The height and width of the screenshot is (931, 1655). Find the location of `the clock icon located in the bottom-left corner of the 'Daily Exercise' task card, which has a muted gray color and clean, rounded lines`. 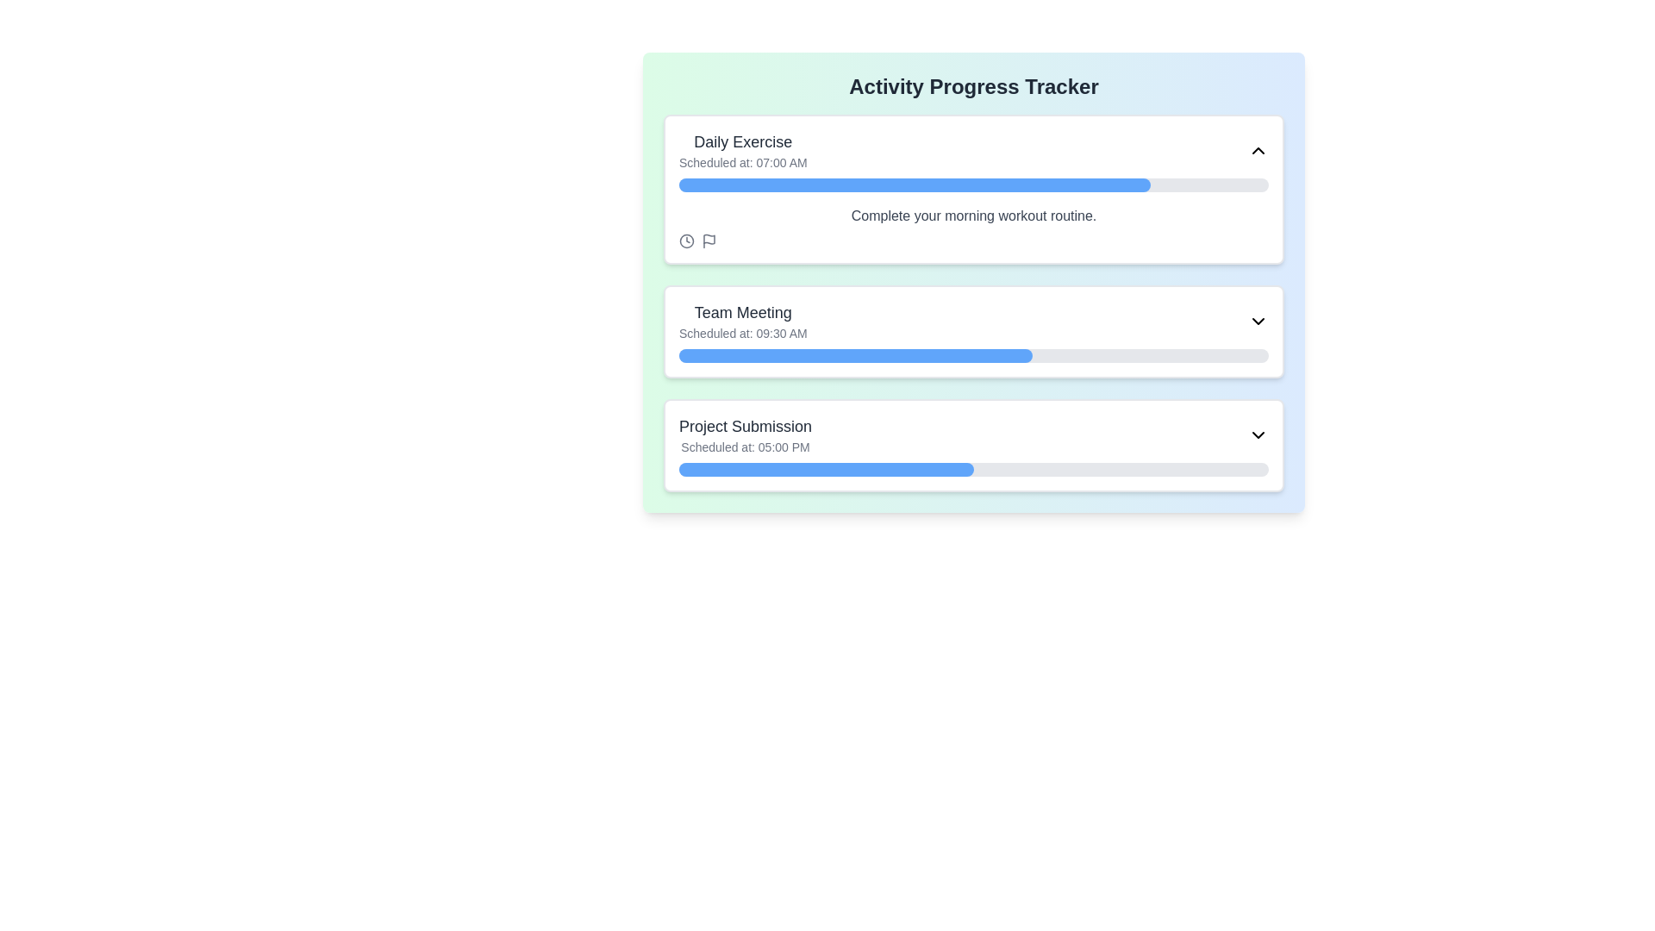

the clock icon located in the bottom-left corner of the 'Daily Exercise' task card, which has a muted gray color and clean, rounded lines is located at coordinates (685, 241).